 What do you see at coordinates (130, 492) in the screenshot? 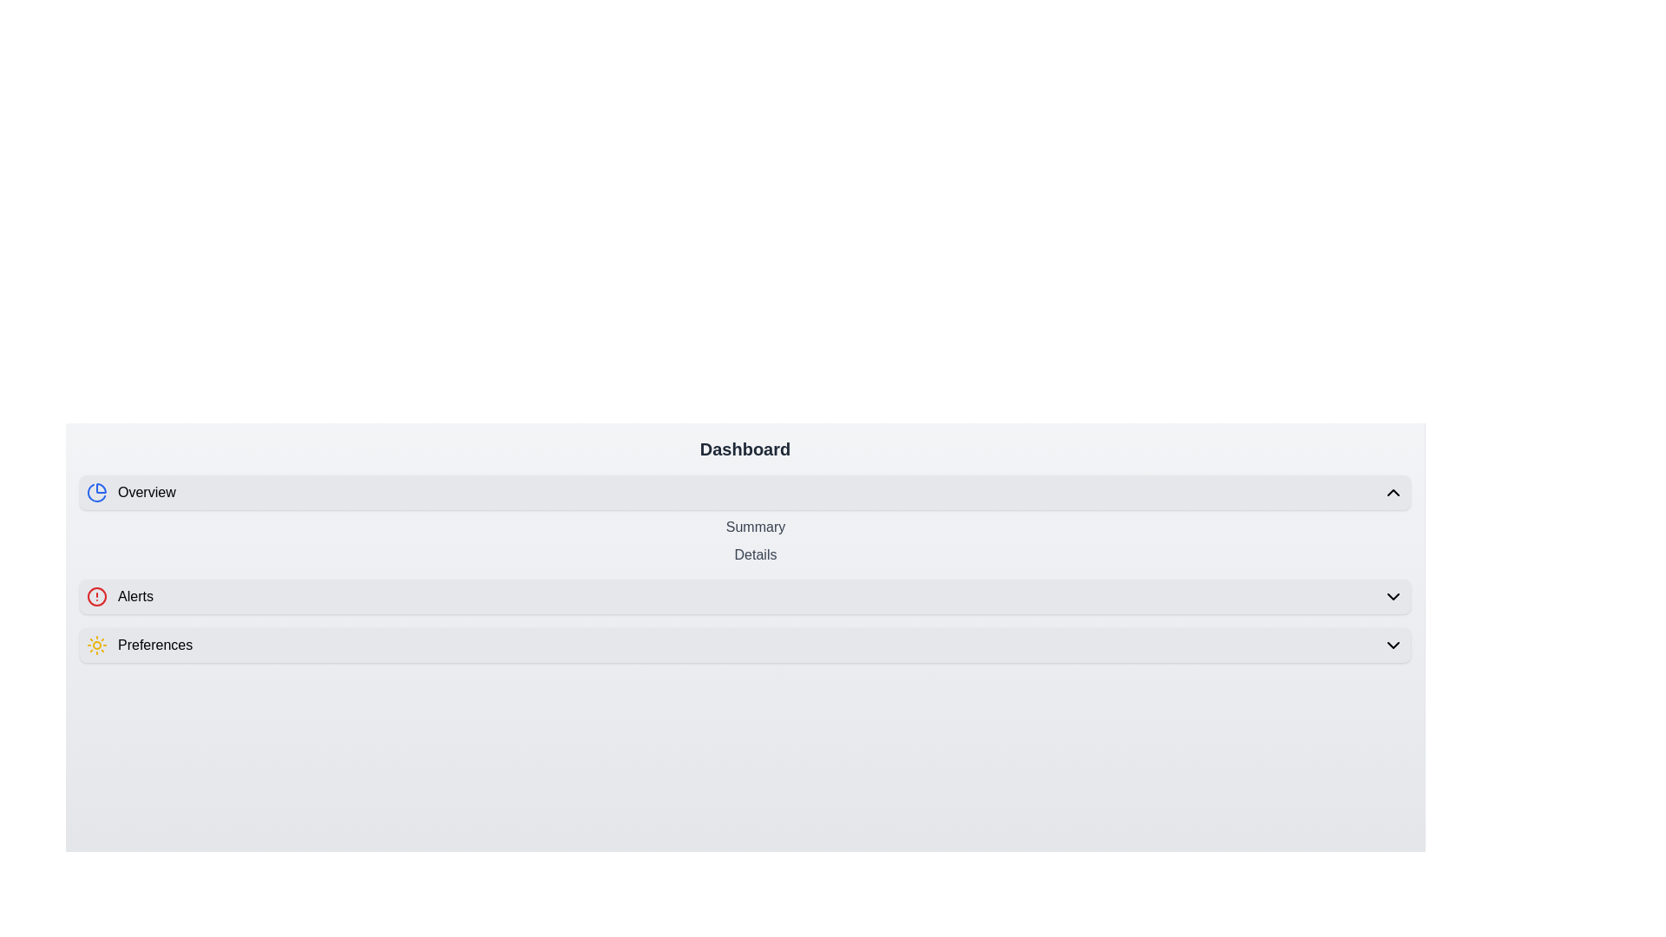
I see `the 'Overview' text label located at the top of the menu on the left side of the page` at bounding box center [130, 492].